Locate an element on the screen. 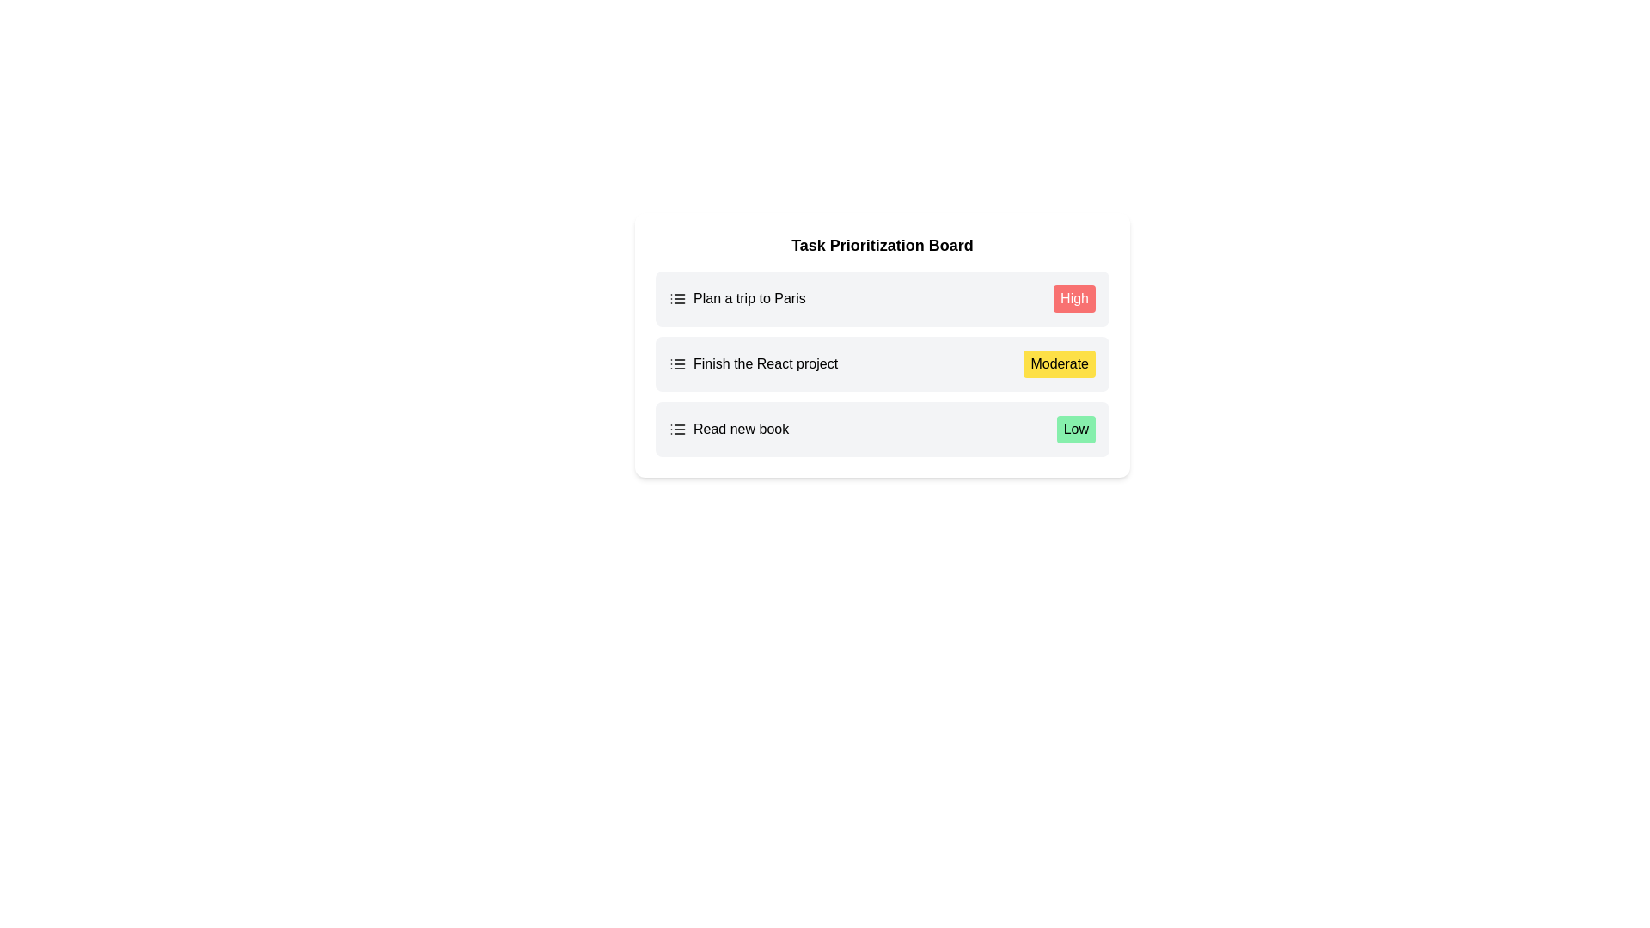 This screenshot has width=1650, height=928. the third list item labeled 'Read new book' in the Task Prioritization Board is located at coordinates (883, 429).